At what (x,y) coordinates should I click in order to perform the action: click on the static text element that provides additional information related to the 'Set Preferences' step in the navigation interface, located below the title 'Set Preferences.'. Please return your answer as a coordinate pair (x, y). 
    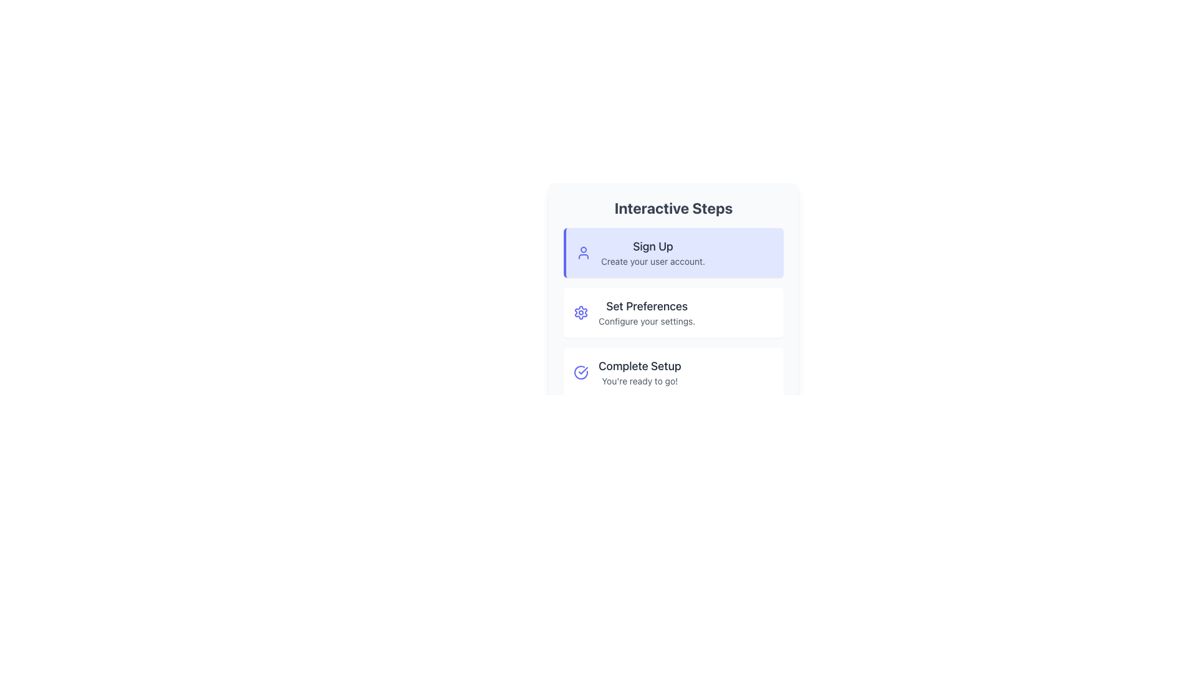
    Looking at the image, I should click on (647, 321).